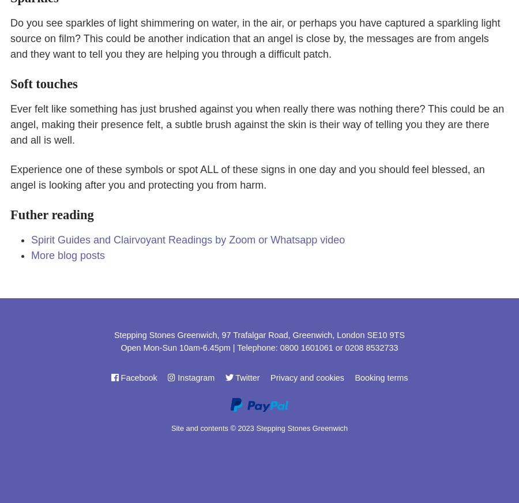  What do you see at coordinates (187, 240) in the screenshot?
I see `'Spirit Guides and Clairvoyant Readings by Zoom or Whatsapp video'` at bounding box center [187, 240].